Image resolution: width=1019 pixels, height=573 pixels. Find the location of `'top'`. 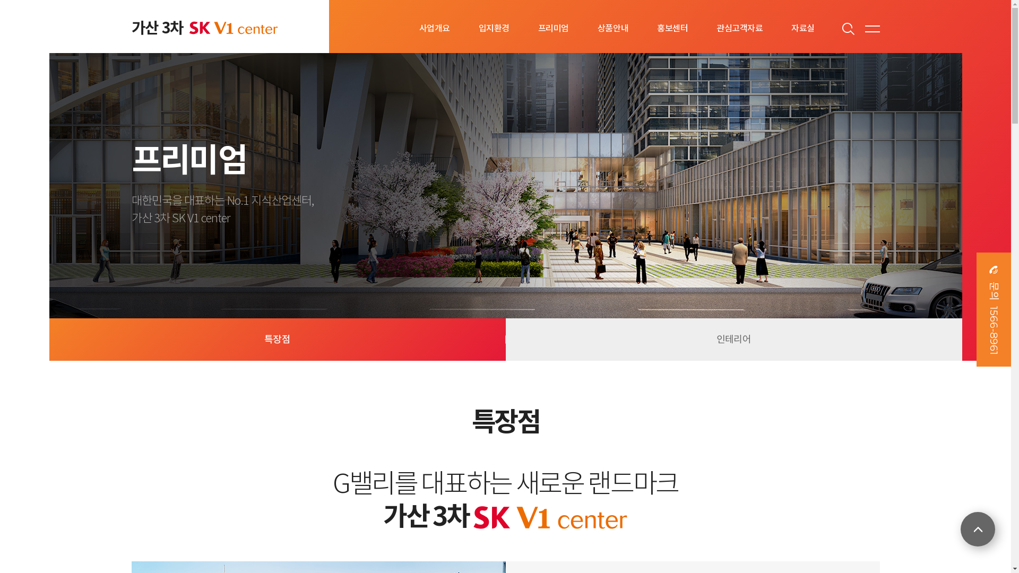

'top' is located at coordinates (977, 529).